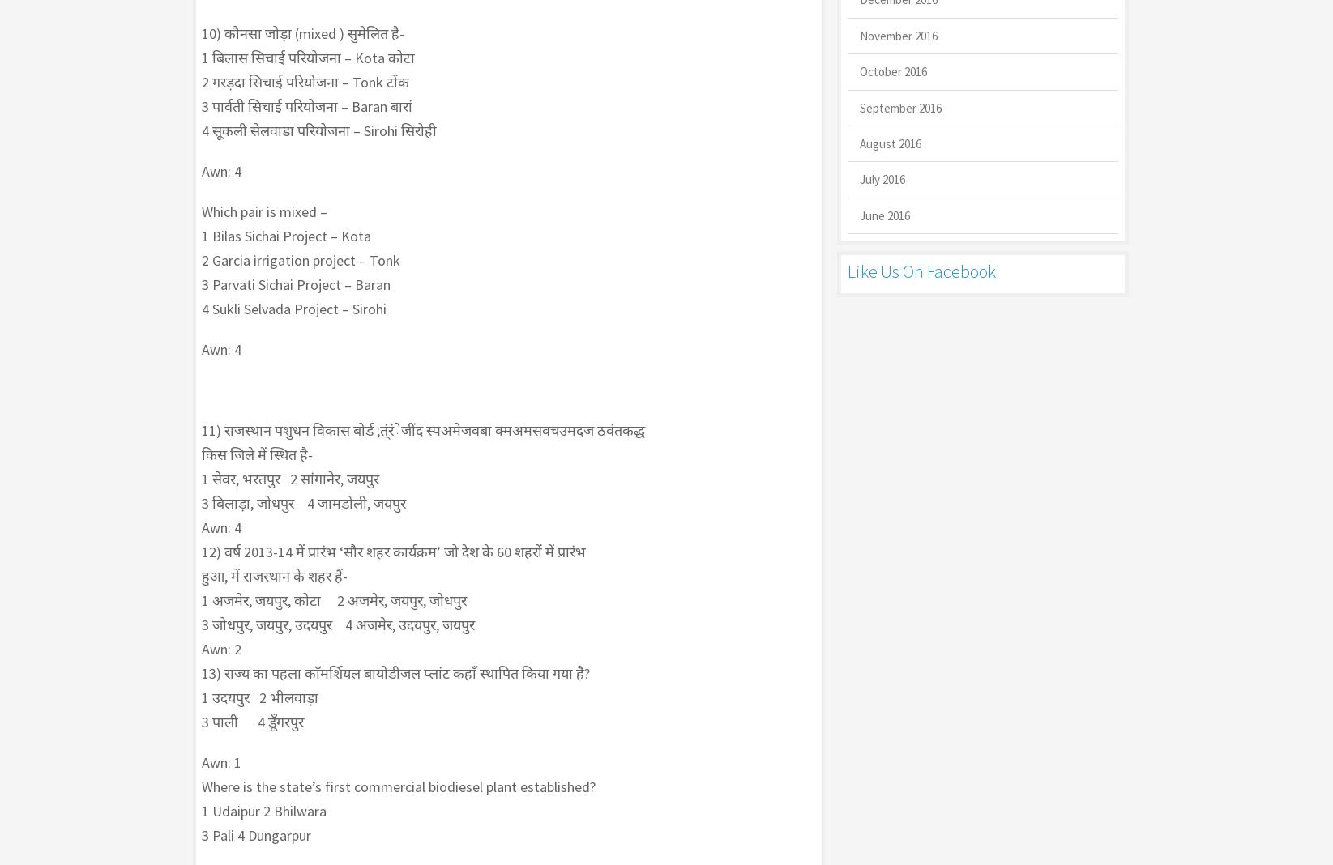 The image size is (1333, 865). I want to click on '3 जोधपुर, जयपुर, उदयपुर    4 अजमेर, उदयपुर, जयपुर', so click(336, 624).